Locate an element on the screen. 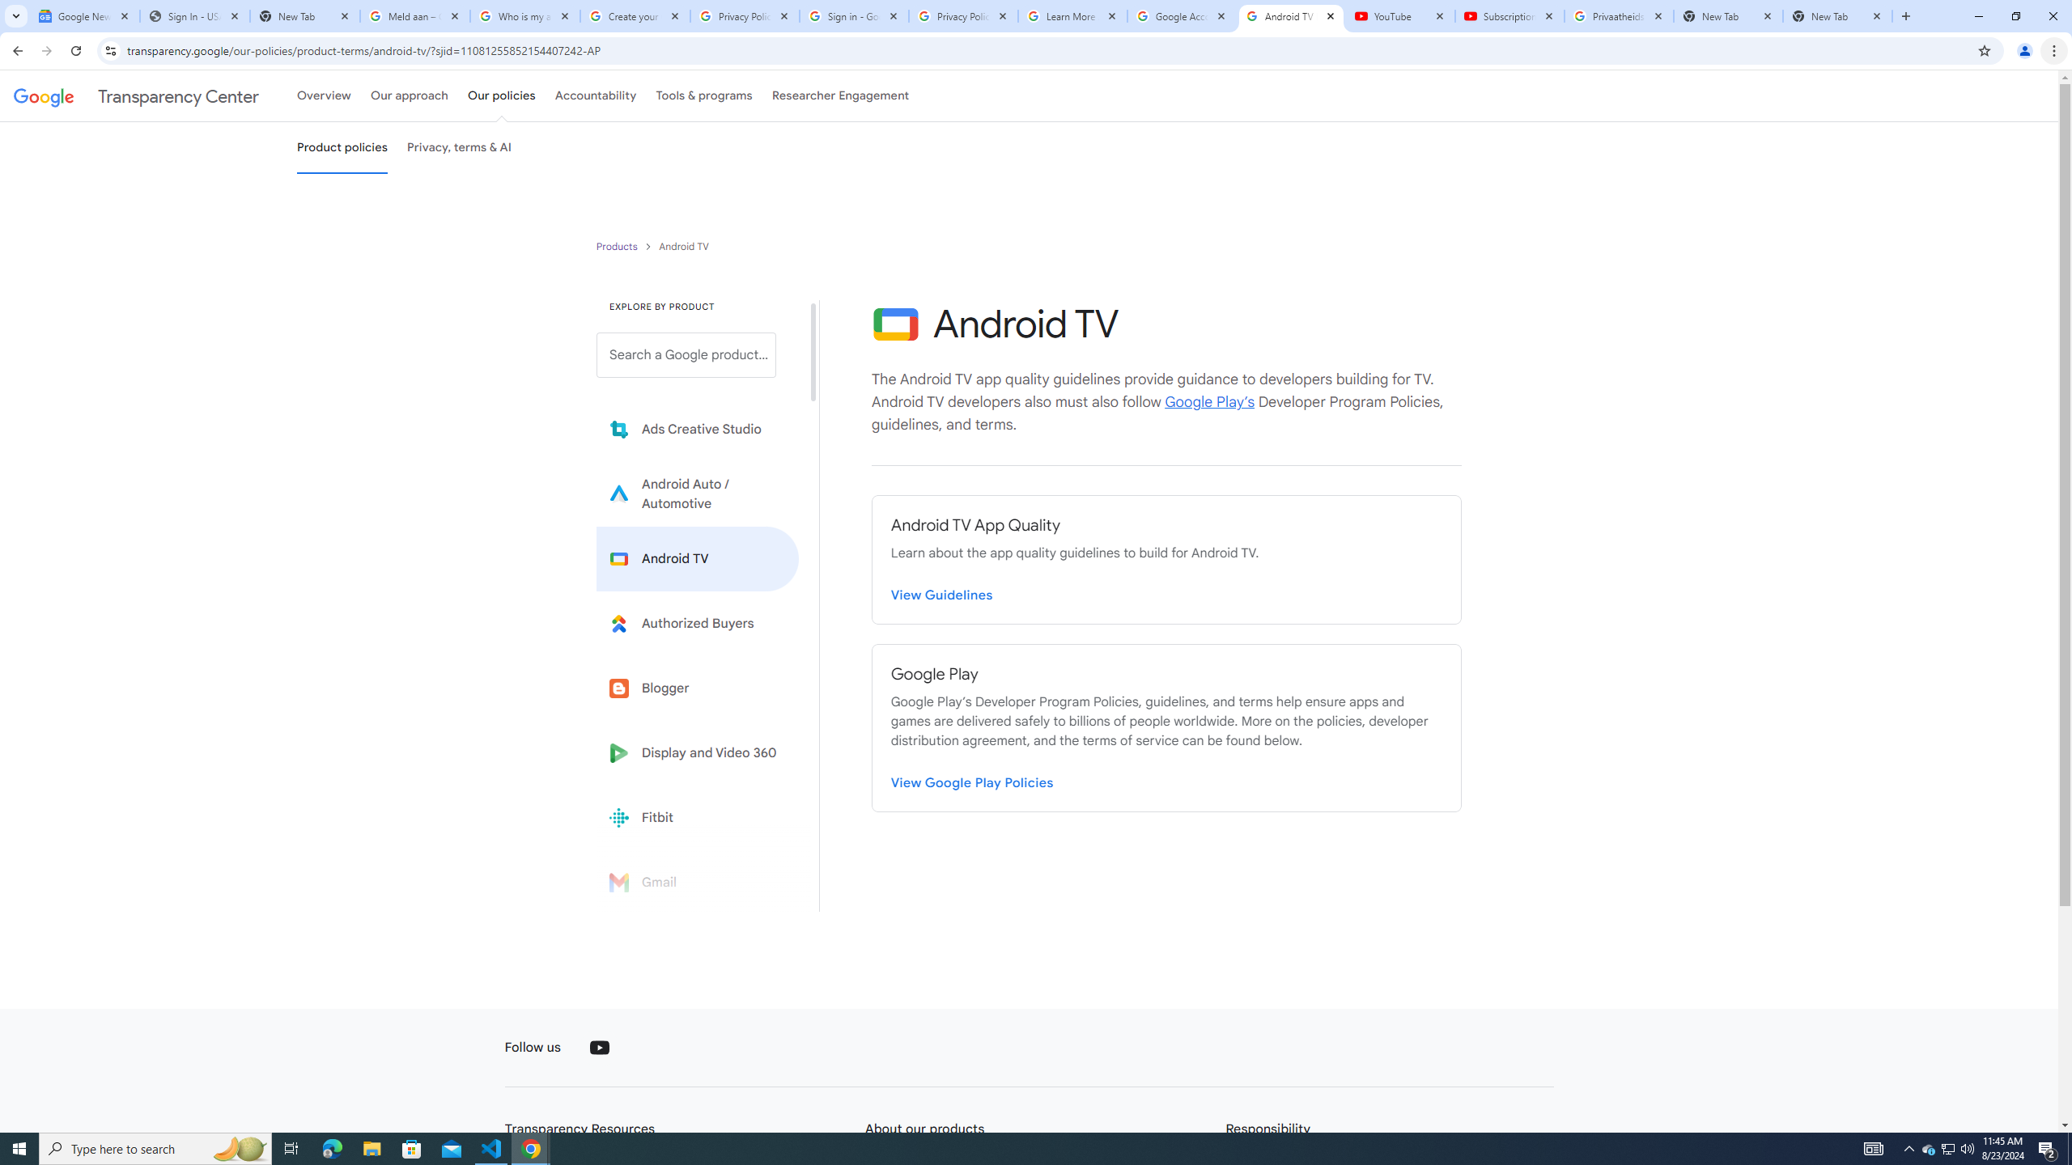  'Transparency Center' is located at coordinates (135, 95).